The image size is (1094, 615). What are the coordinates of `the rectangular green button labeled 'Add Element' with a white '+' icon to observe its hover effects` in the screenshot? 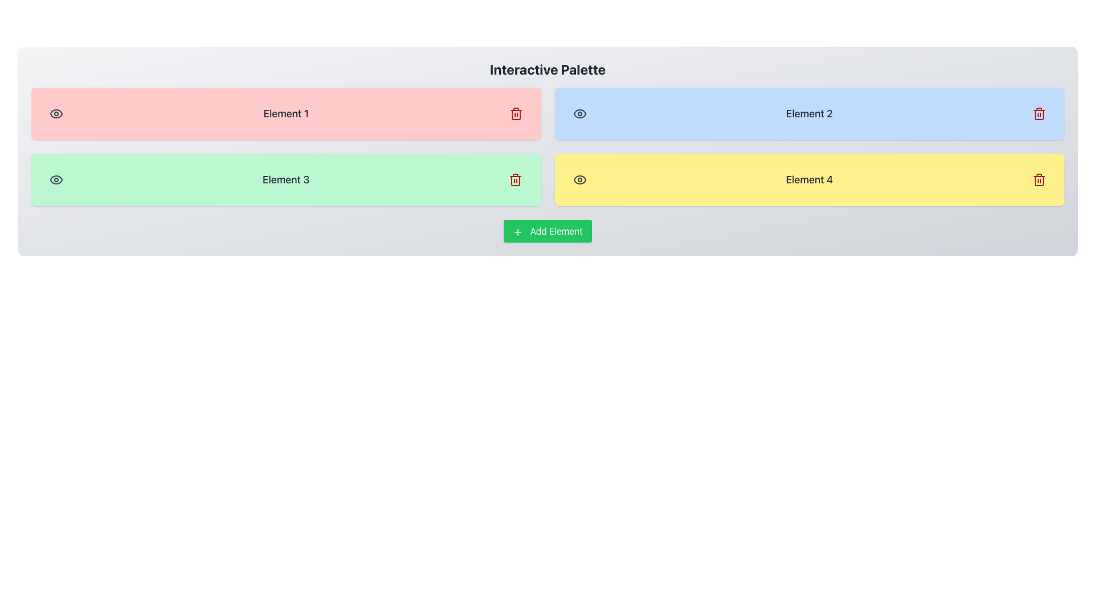 It's located at (548, 231).